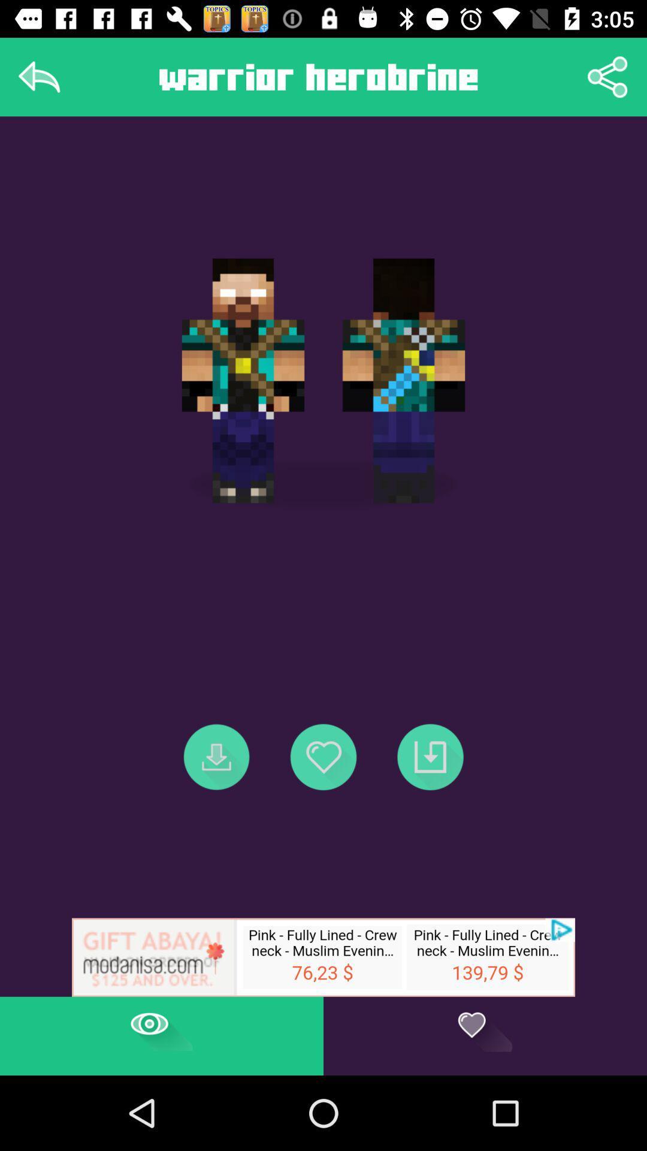  Describe the element at coordinates (216, 756) in the screenshot. I see `the file_download icon` at that location.